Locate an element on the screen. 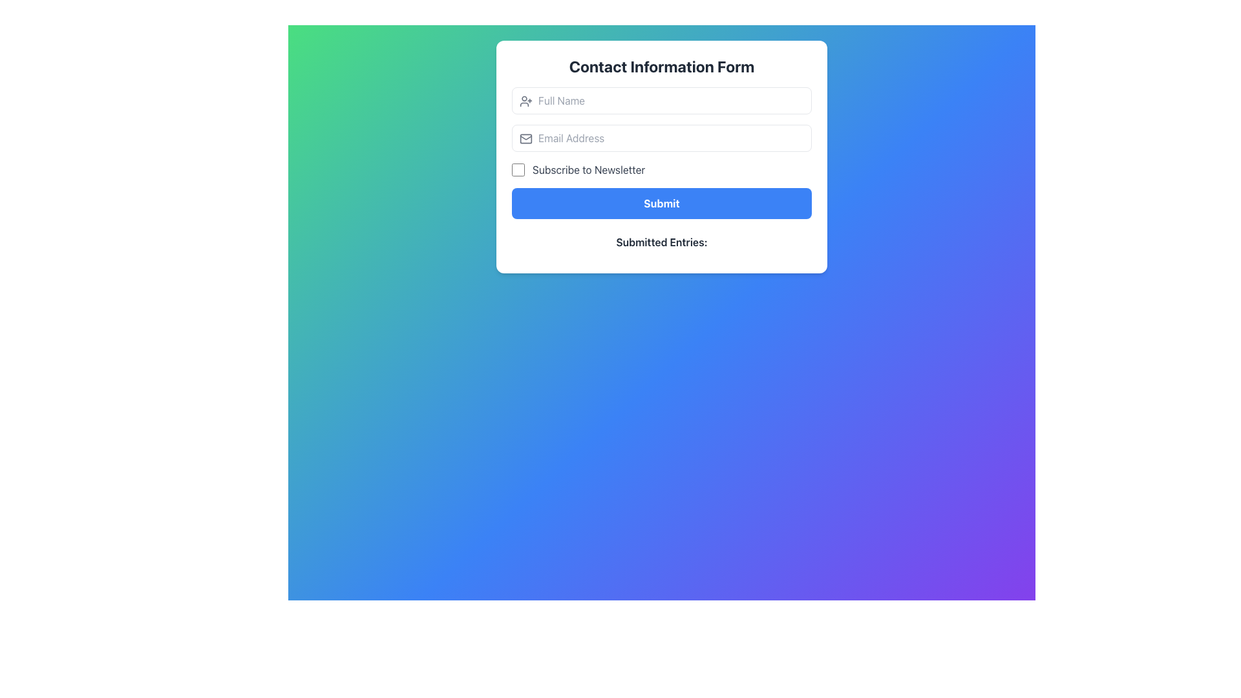  the email input field in the 'Contact Information Form', which is the second field below the 'Full Name' input and above the 'Subscribe to Newsletter' checkbox is located at coordinates (661, 138).